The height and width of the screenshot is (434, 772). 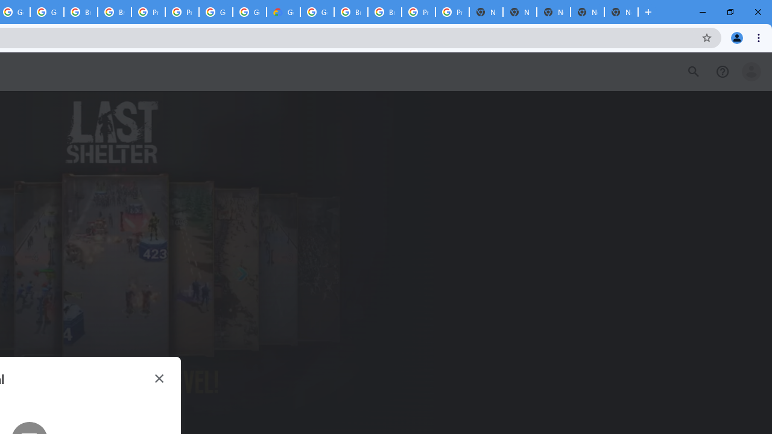 What do you see at coordinates (350, 12) in the screenshot?
I see `'Browse Chrome as a guest - Computer - Google Chrome Help'` at bounding box center [350, 12].